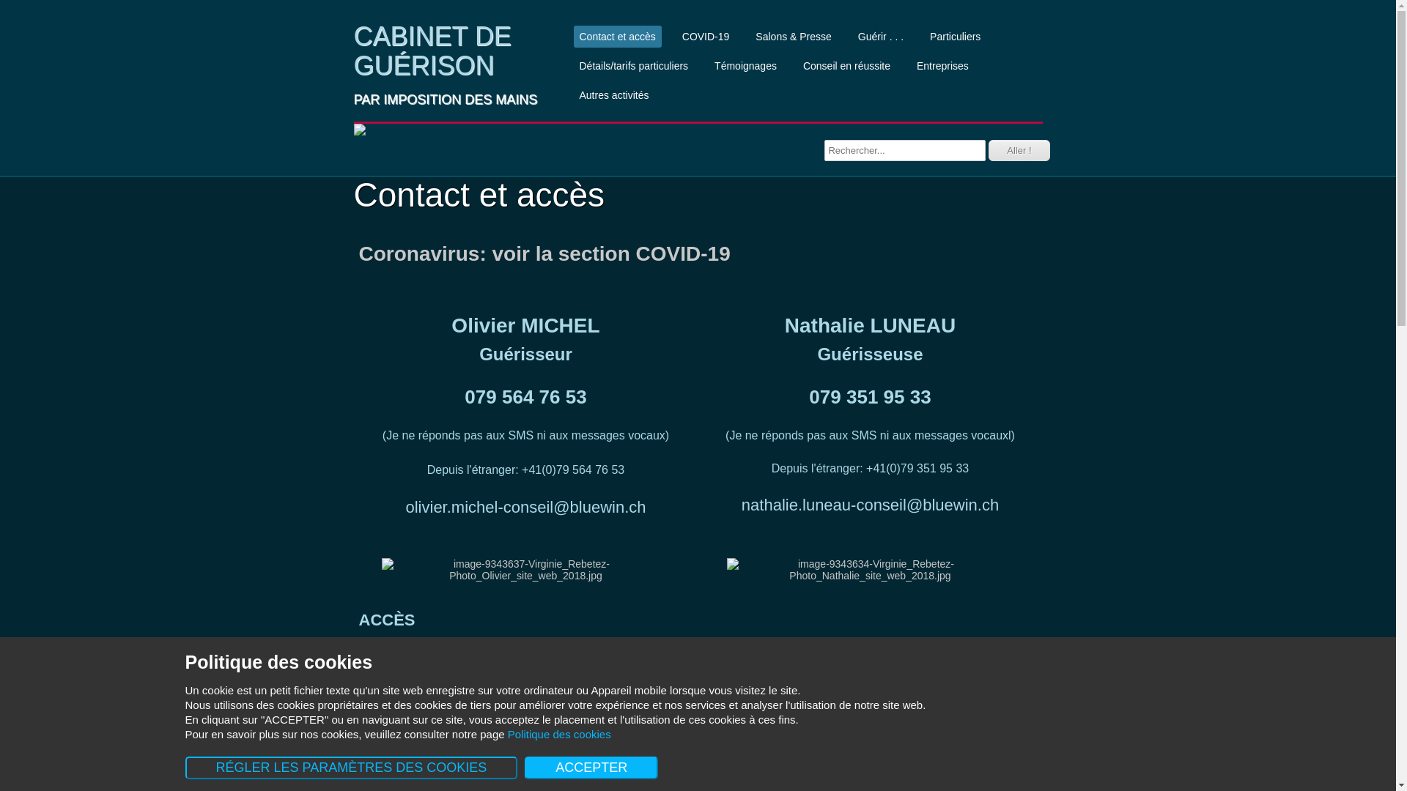 Image resolution: width=1407 pixels, height=791 pixels. Describe the element at coordinates (706, 36) in the screenshot. I see `'COVID-19'` at that location.